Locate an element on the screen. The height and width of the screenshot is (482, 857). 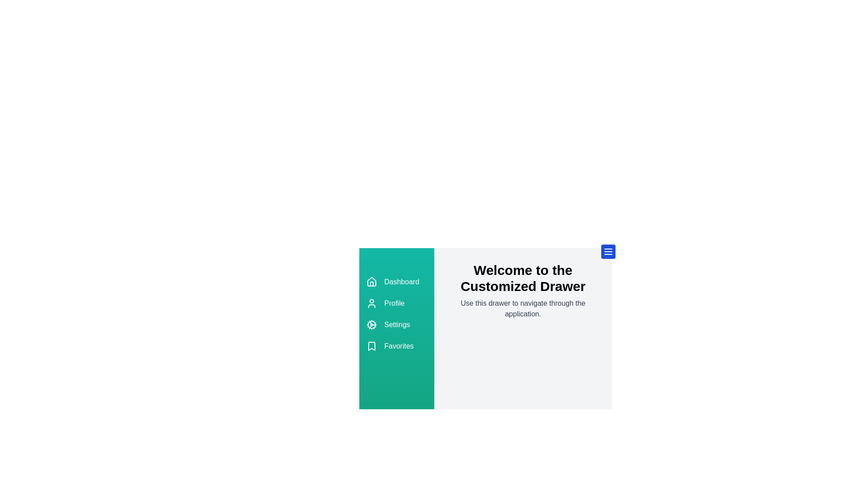
the icon for Profile in the drawer menu is located at coordinates (372, 303).